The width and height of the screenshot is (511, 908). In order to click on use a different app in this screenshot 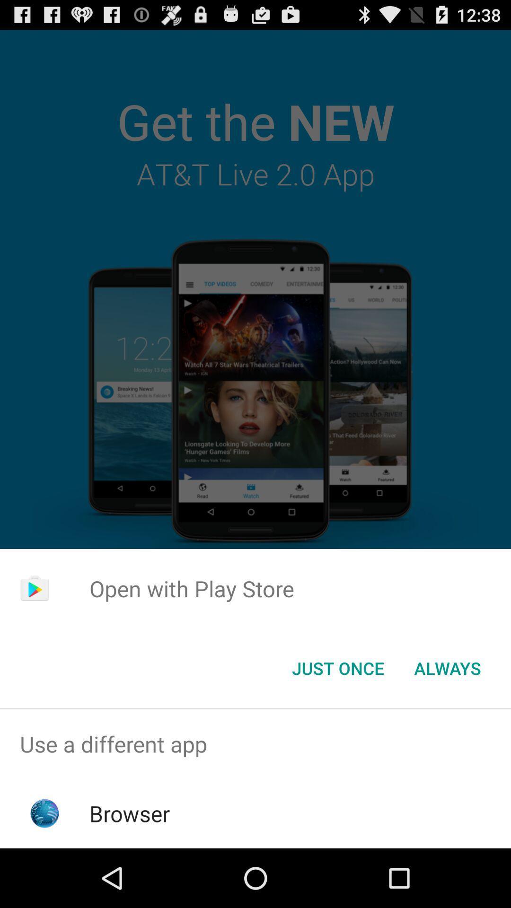, I will do `click(255, 743)`.